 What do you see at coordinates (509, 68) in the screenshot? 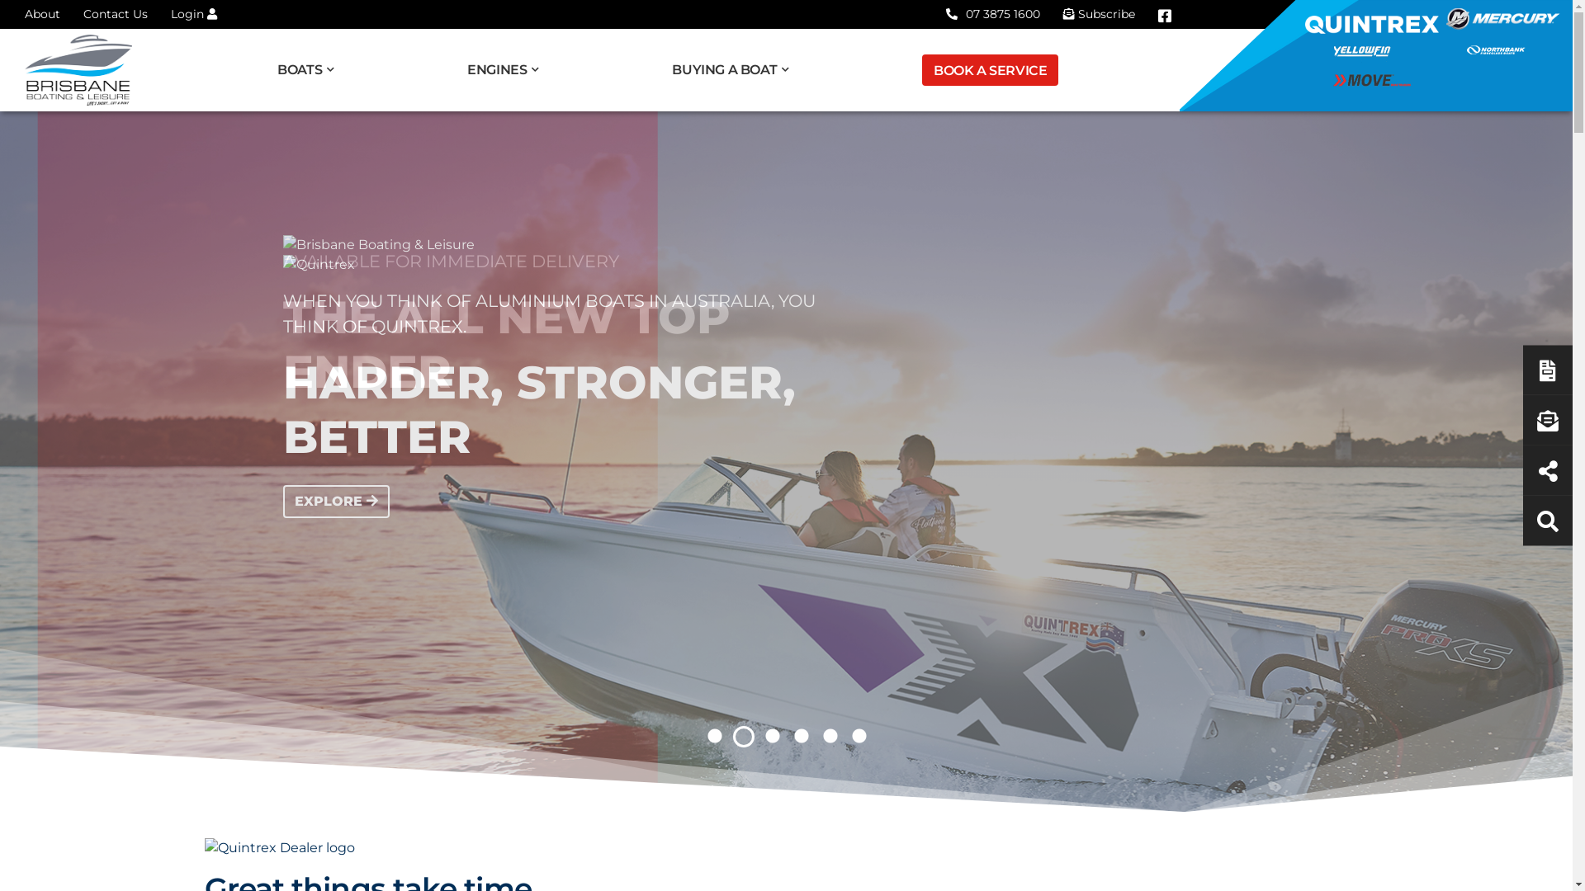
I see `'ENGINES'` at bounding box center [509, 68].